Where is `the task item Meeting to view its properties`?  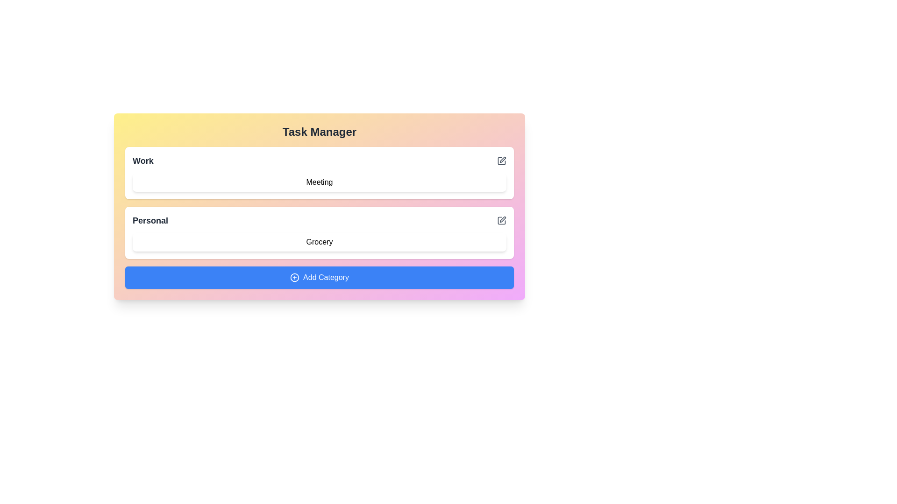 the task item Meeting to view its properties is located at coordinates (320, 182).